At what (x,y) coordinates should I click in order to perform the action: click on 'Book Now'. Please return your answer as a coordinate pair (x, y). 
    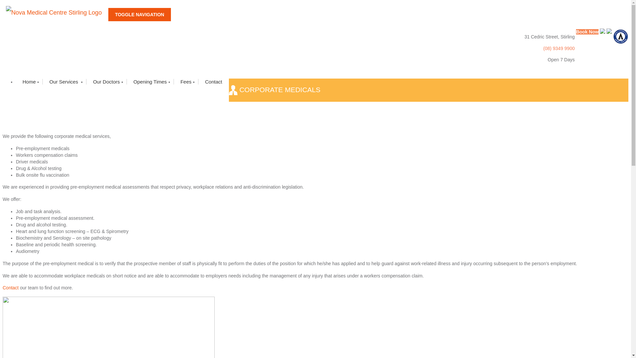
    Looking at the image, I should click on (575, 32).